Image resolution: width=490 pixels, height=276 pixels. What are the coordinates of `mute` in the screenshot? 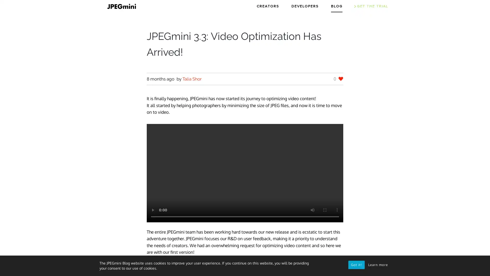 It's located at (312, 210).